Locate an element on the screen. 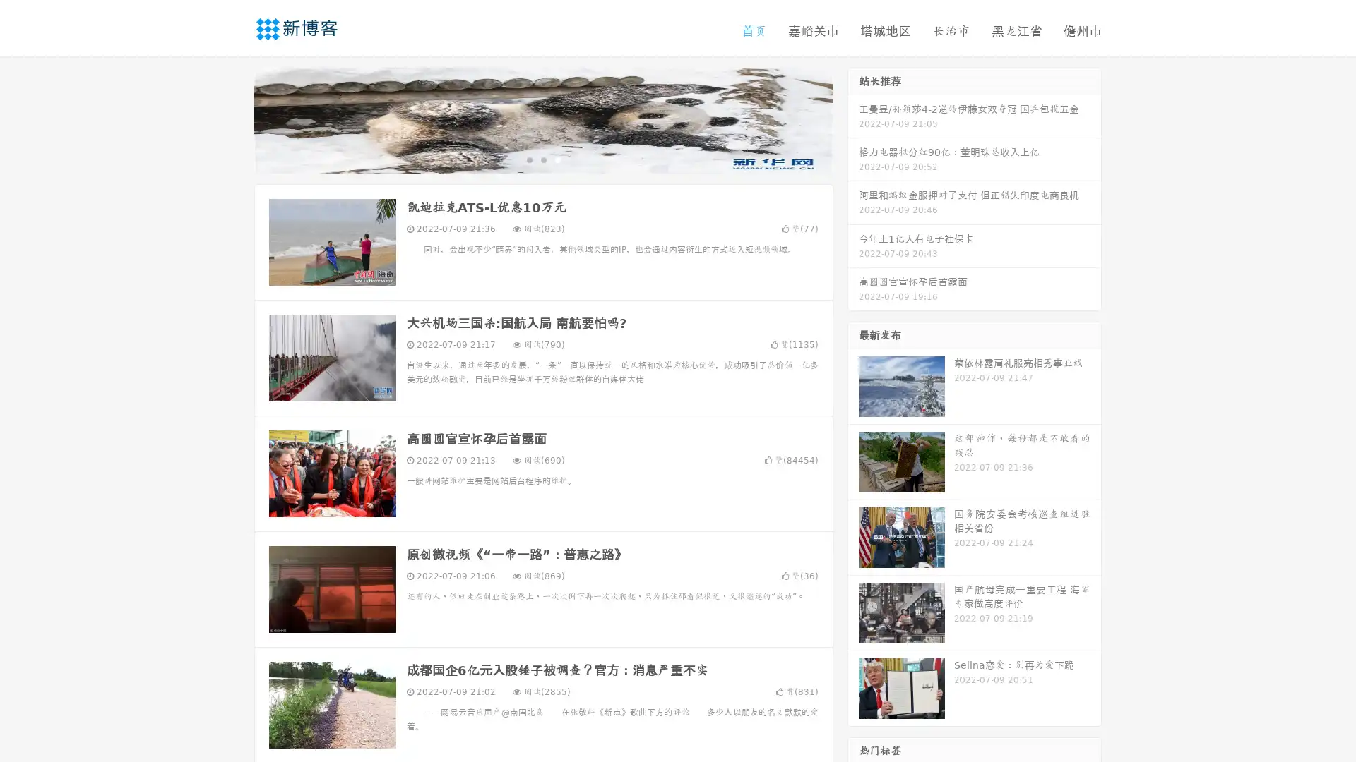 The image size is (1356, 762). Go to slide 1 is located at coordinates (528, 159).